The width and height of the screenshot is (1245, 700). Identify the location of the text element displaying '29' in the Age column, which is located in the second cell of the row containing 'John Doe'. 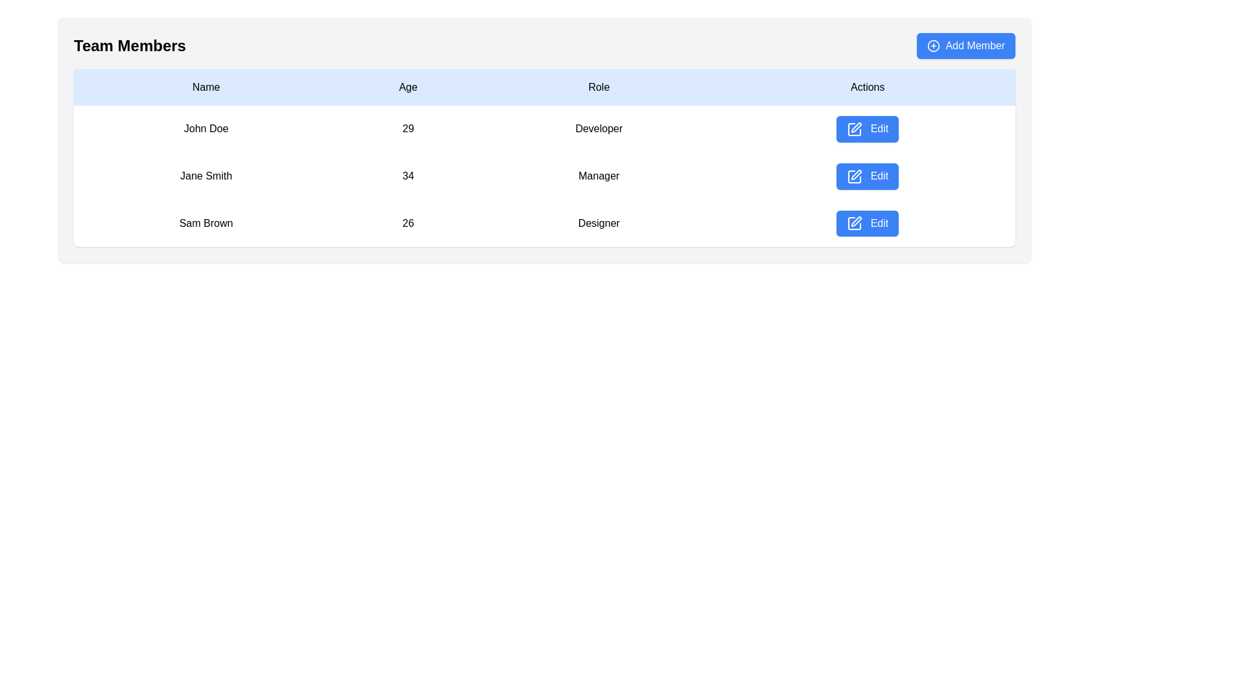
(407, 129).